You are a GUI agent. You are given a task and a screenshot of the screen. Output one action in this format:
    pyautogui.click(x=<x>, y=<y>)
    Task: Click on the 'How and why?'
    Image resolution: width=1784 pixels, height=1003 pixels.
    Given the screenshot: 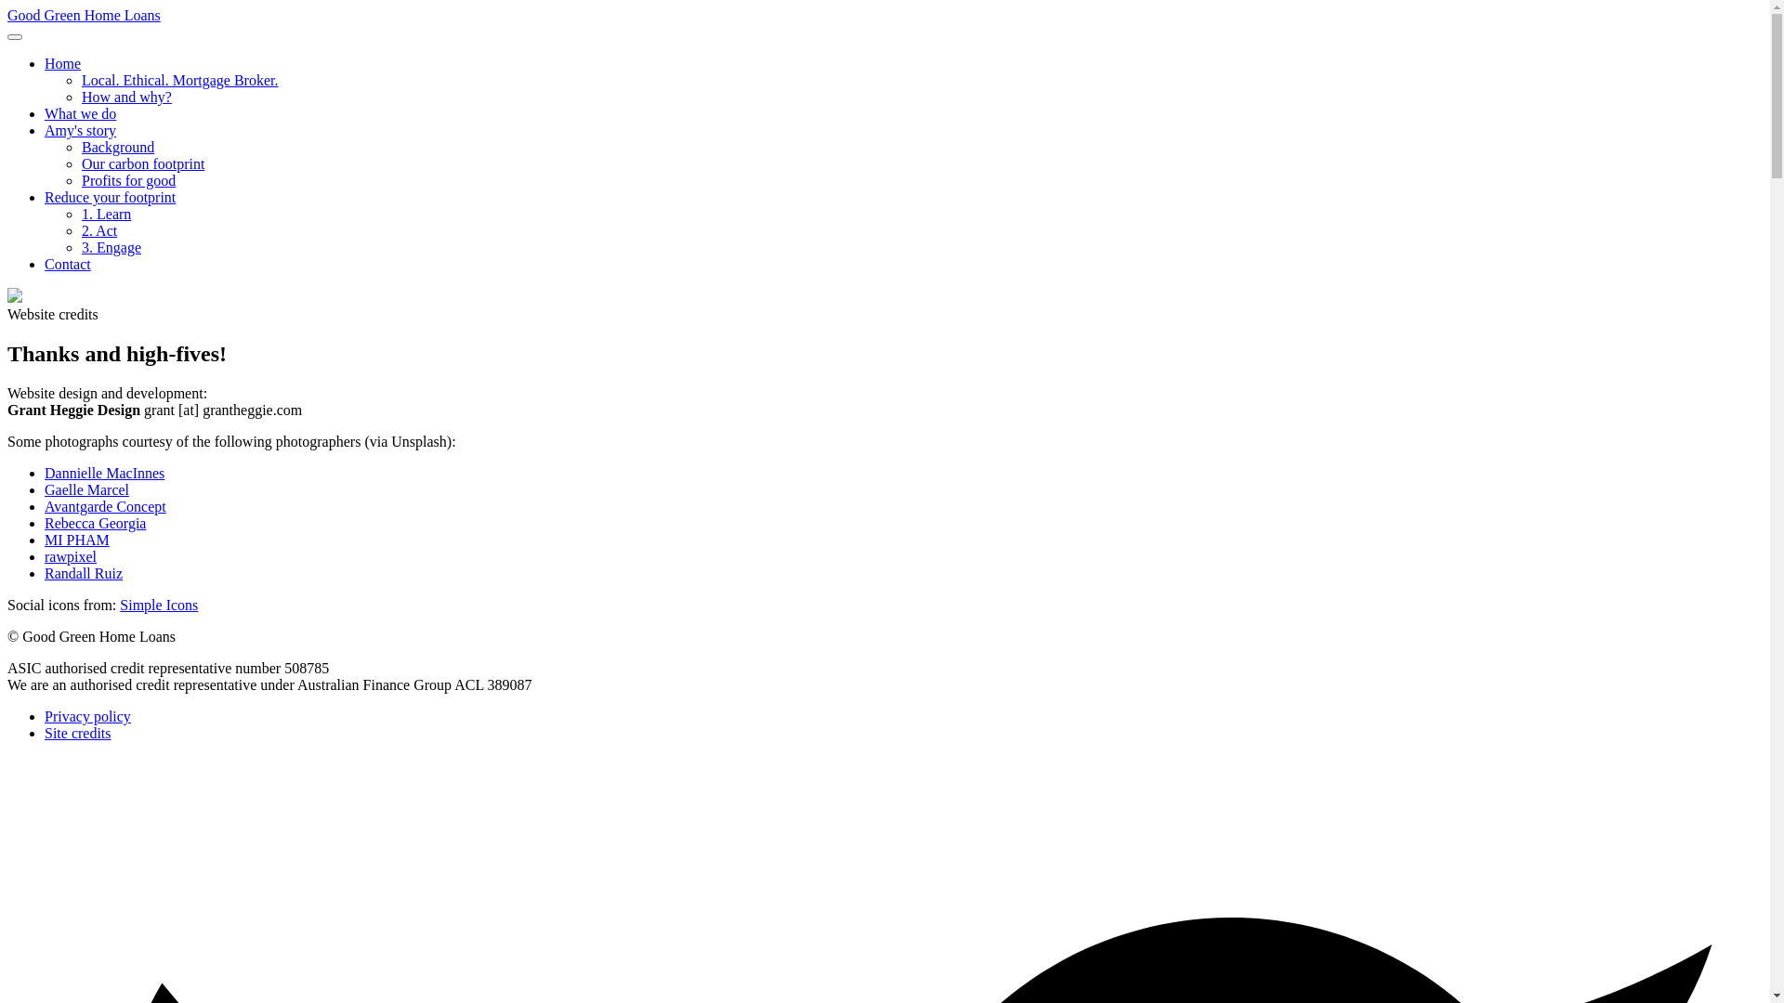 What is the action you would take?
    pyautogui.click(x=125, y=97)
    